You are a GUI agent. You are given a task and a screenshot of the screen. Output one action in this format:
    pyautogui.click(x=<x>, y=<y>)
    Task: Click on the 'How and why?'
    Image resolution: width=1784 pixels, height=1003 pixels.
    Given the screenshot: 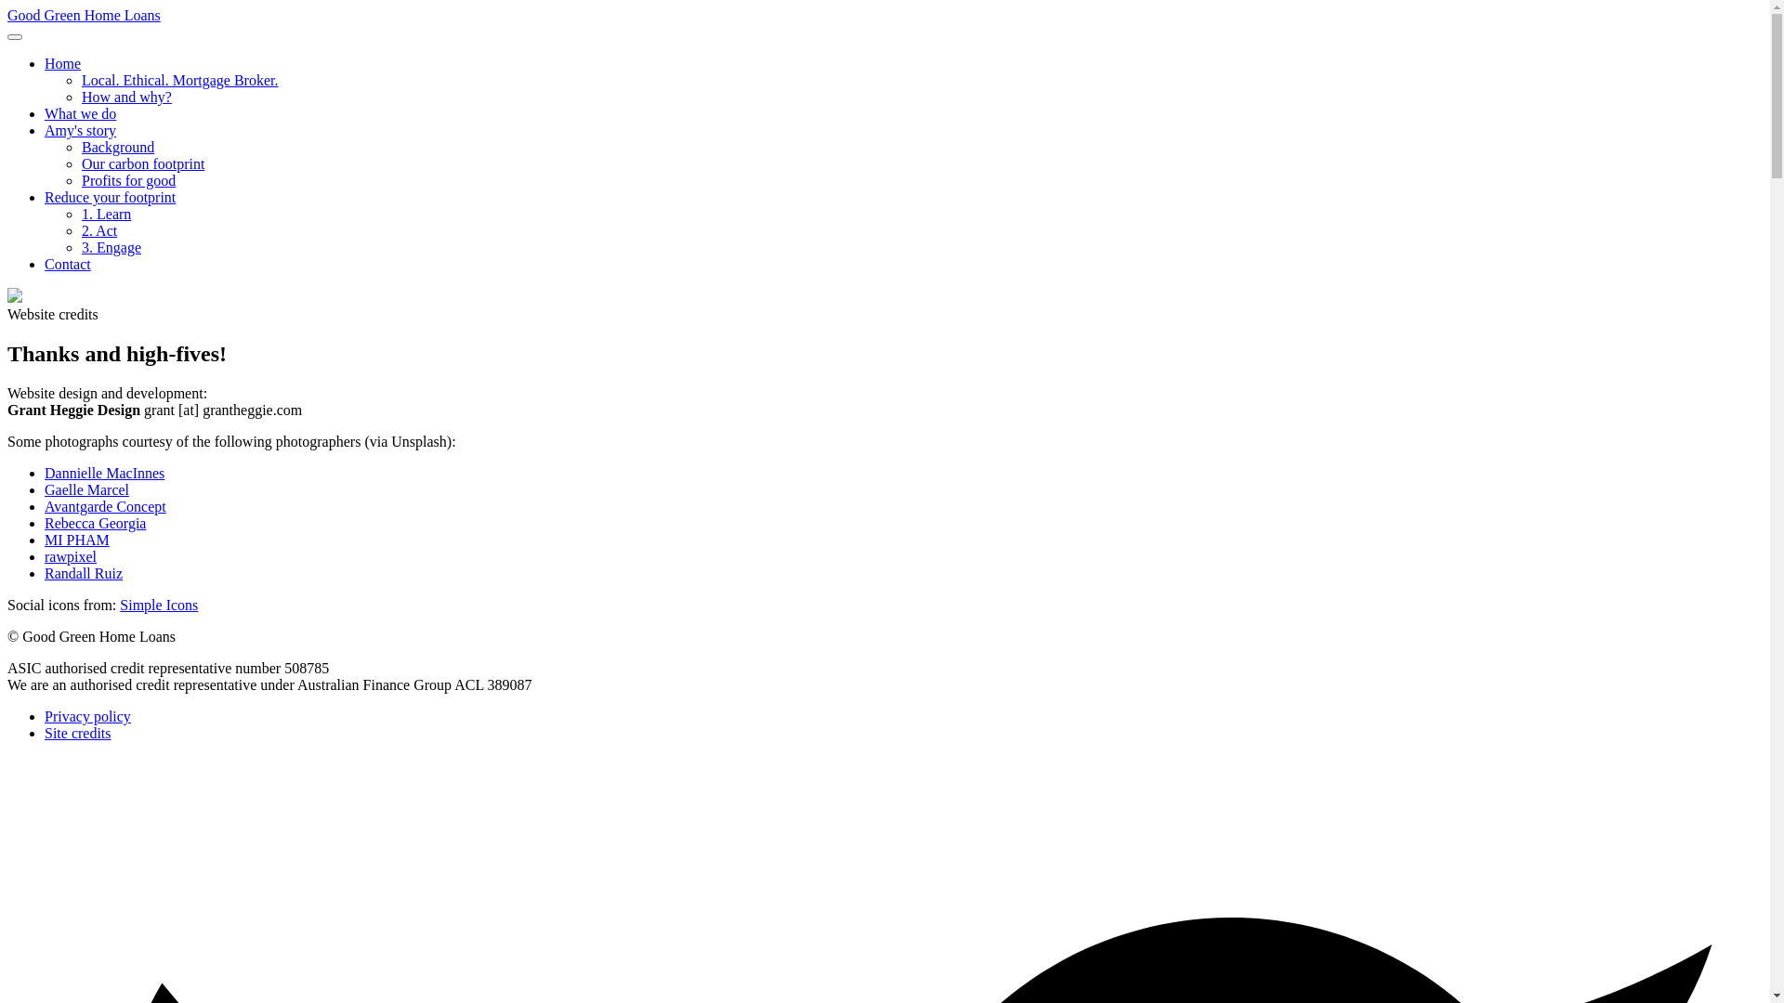 What is the action you would take?
    pyautogui.click(x=125, y=97)
    